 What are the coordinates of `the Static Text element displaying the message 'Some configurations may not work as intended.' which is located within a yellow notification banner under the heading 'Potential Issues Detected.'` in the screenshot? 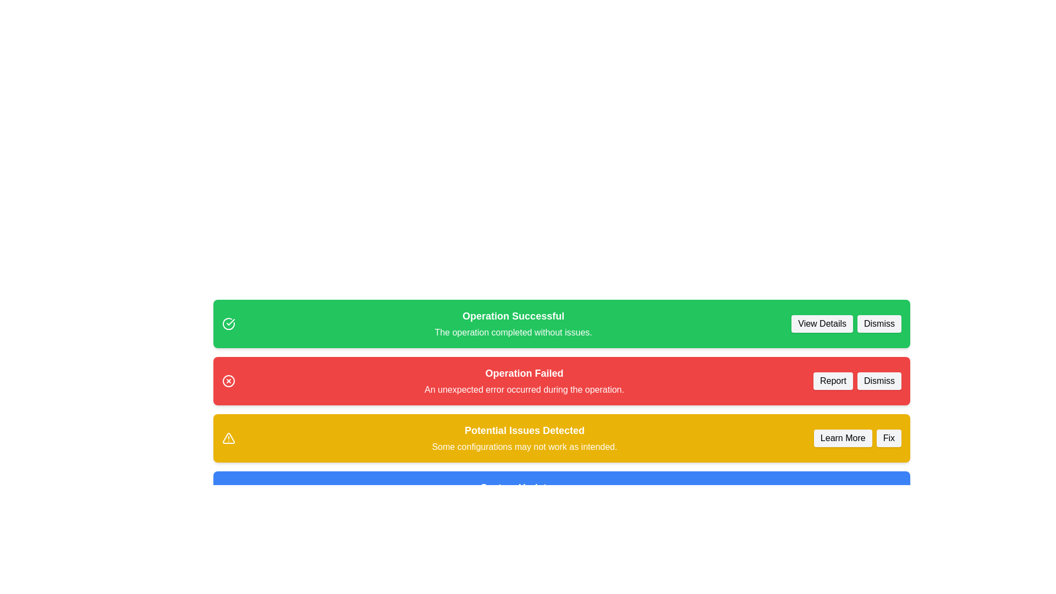 It's located at (524, 447).